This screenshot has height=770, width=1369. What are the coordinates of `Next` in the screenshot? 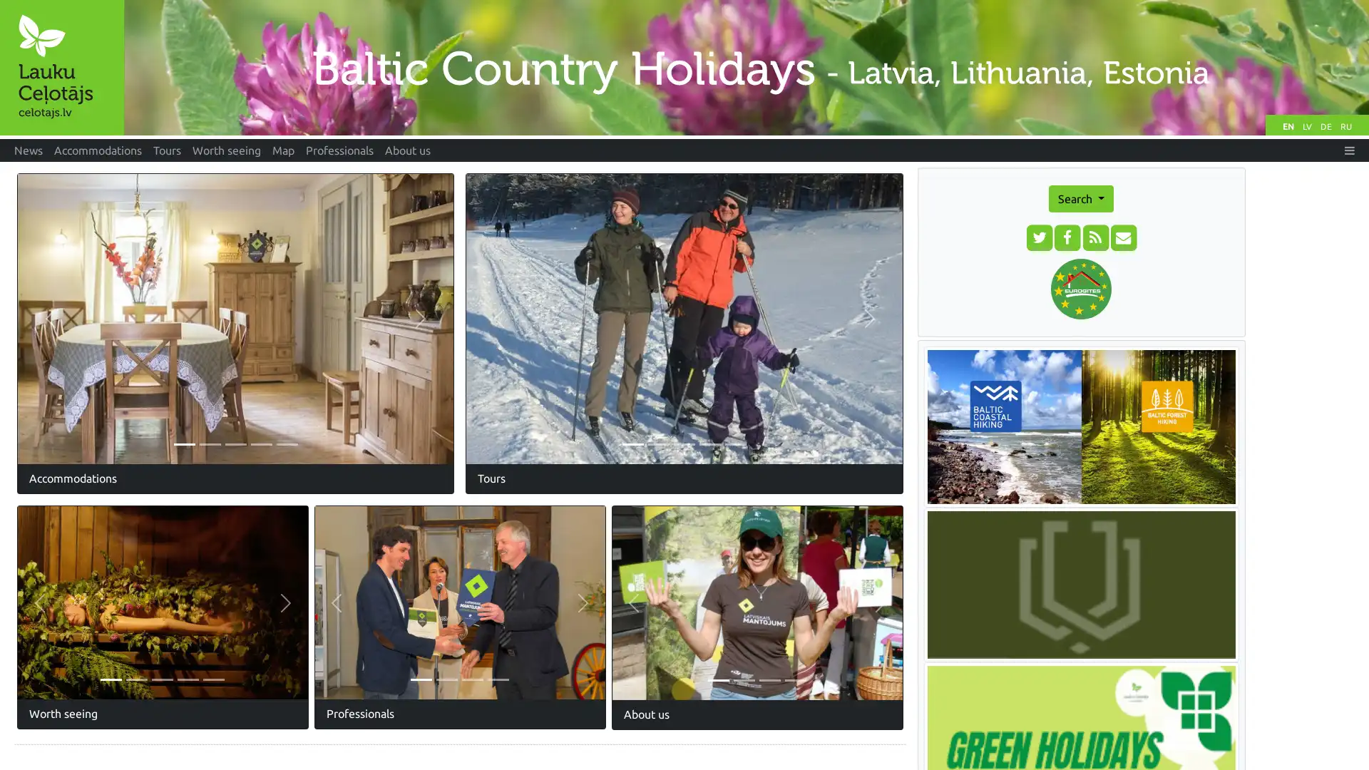 It's located at (285, 602).